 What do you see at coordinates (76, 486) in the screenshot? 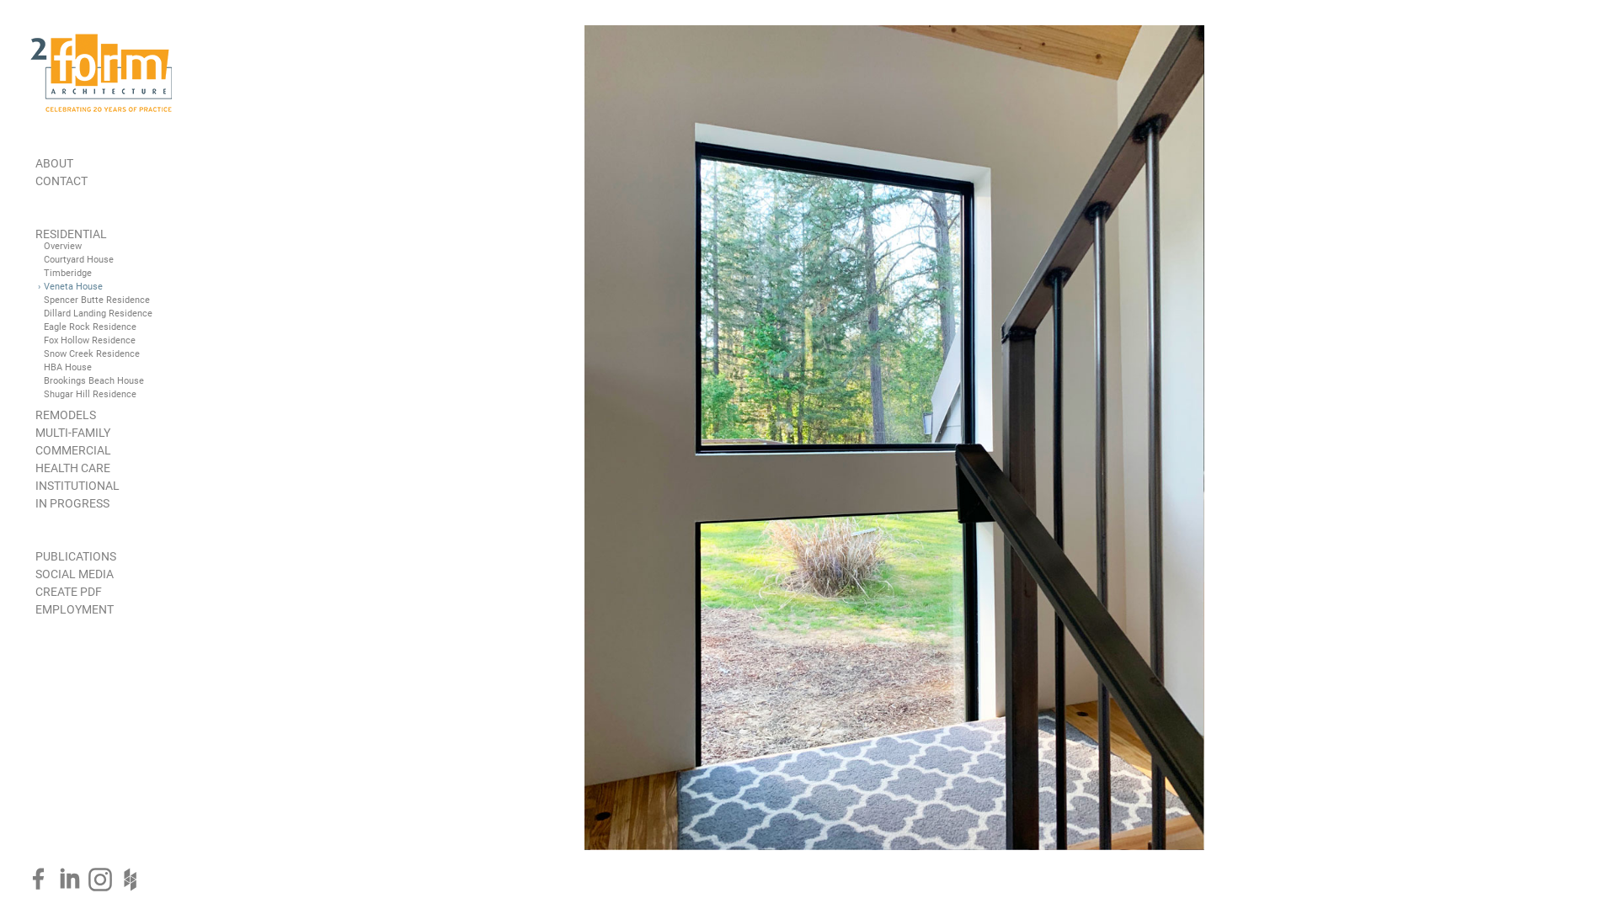
I see `'INSTITUTIONAL'` at bounding box center [76, 486].